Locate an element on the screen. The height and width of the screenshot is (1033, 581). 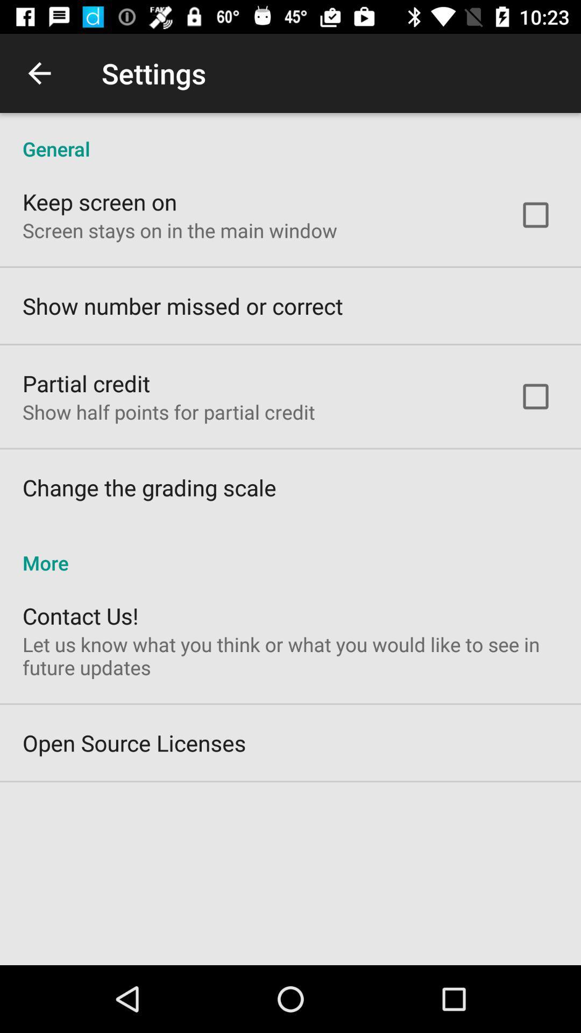
contact us! icon is located at coordinates (80, 615).